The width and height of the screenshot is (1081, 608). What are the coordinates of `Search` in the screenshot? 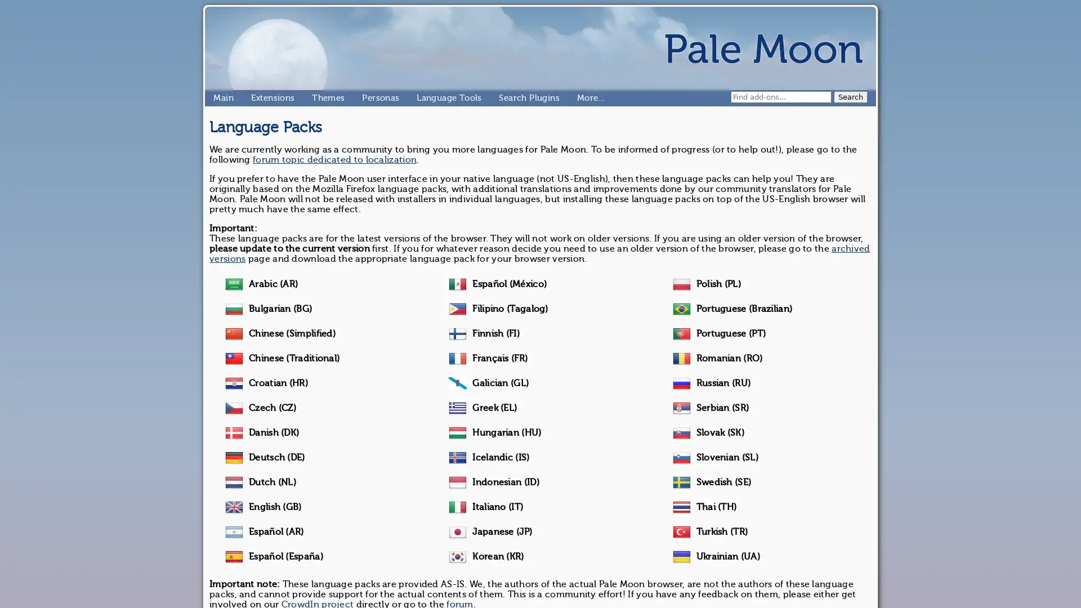 It's located at (851, 96).